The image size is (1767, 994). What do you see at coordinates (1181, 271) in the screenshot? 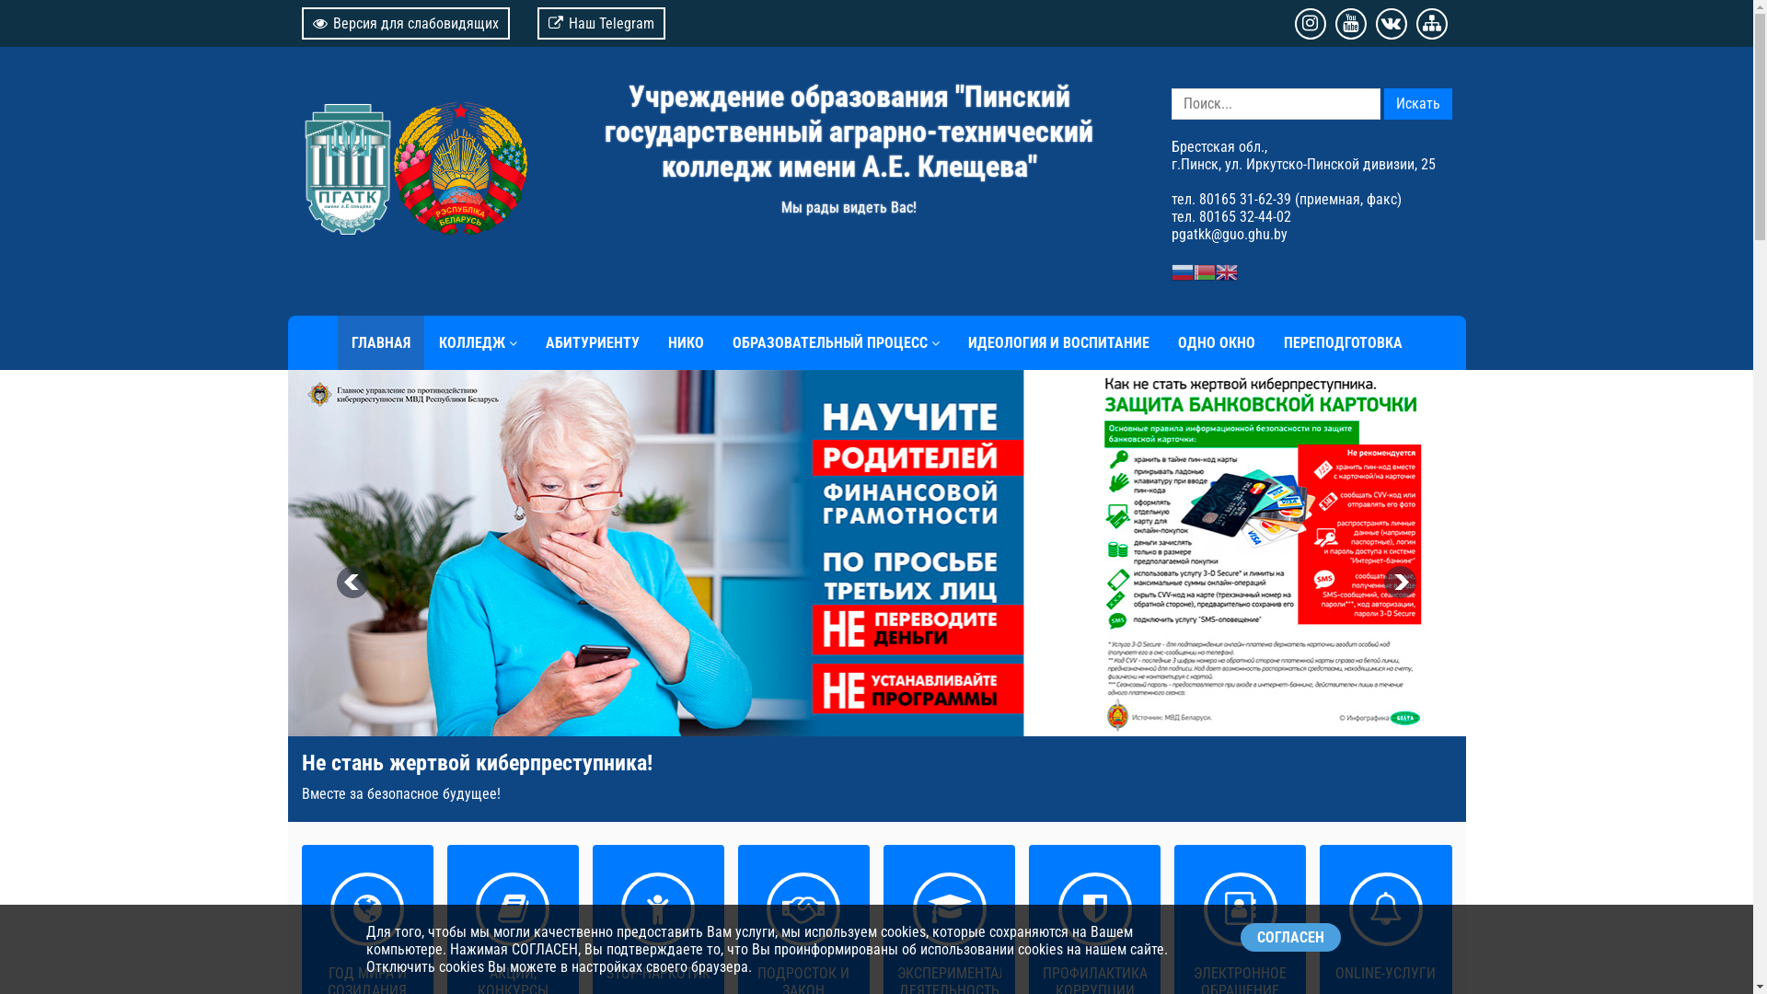
I see `'Russian'` at bounding box center [1181, 271].